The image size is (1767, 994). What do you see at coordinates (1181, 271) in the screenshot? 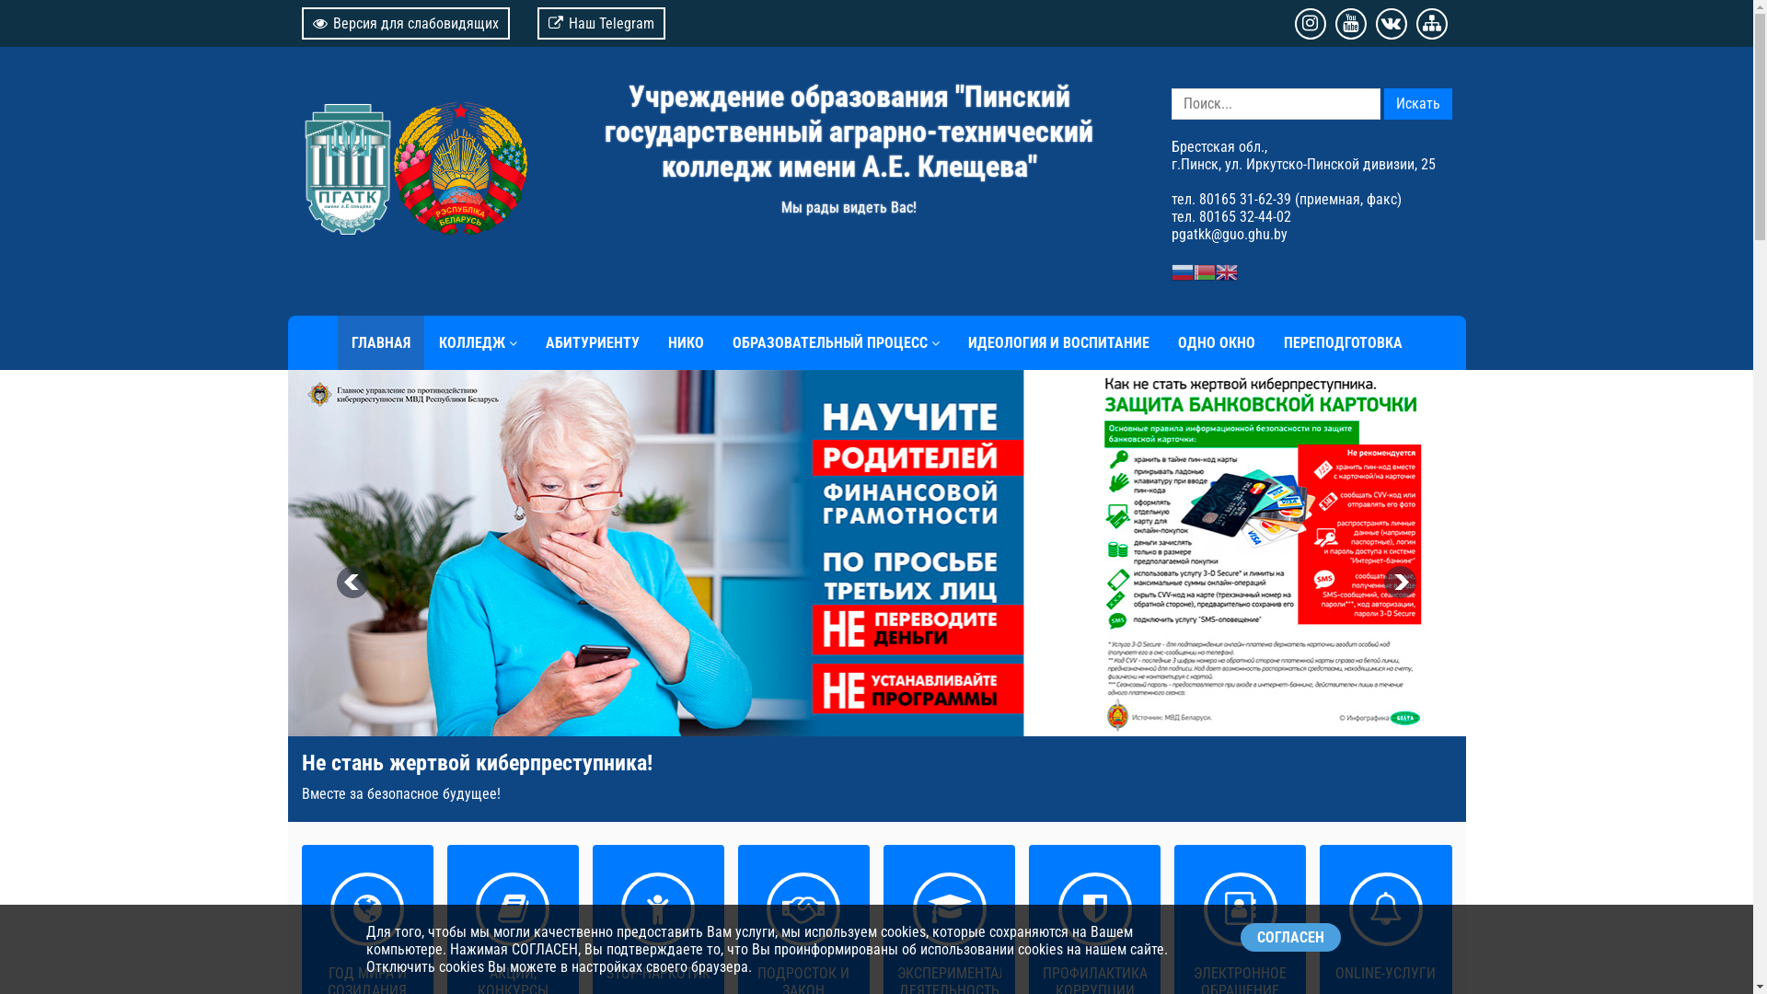
I see `'Russian'` at bounding box center [1181, 271].